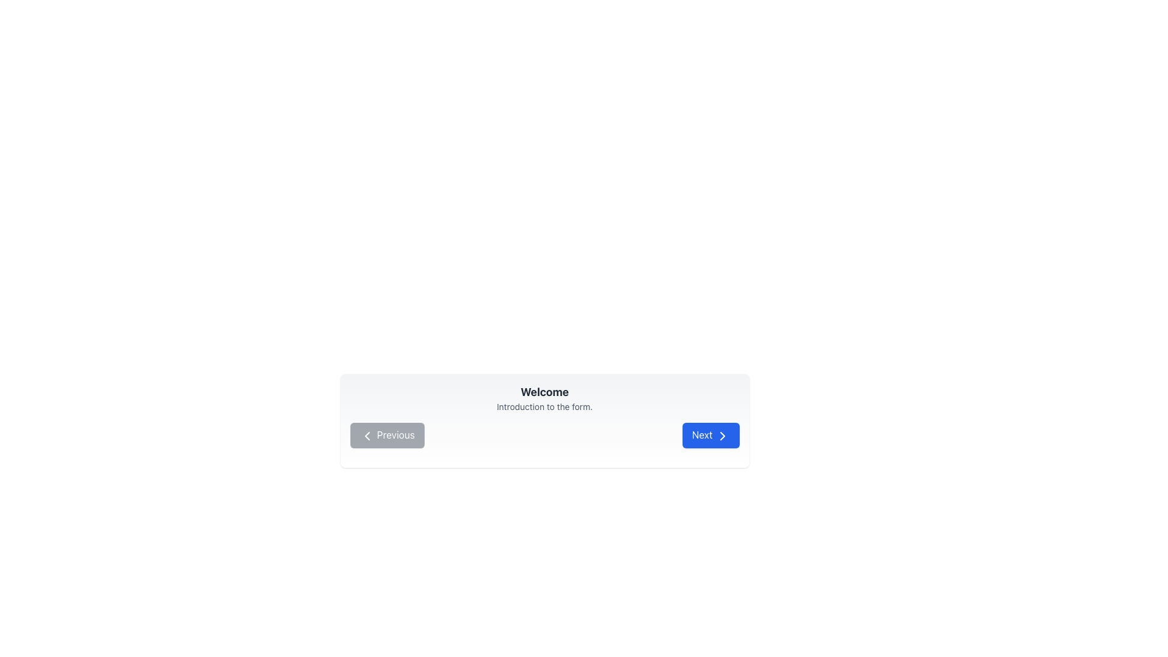 This screenshot has width=1168, height=657. Describe the element at coordinates (366, 435) in the screenshot. I see `the 'Previous' button icon, which indicates backward navigation and is located at the bottom-left side of the navigation controls` at that location.